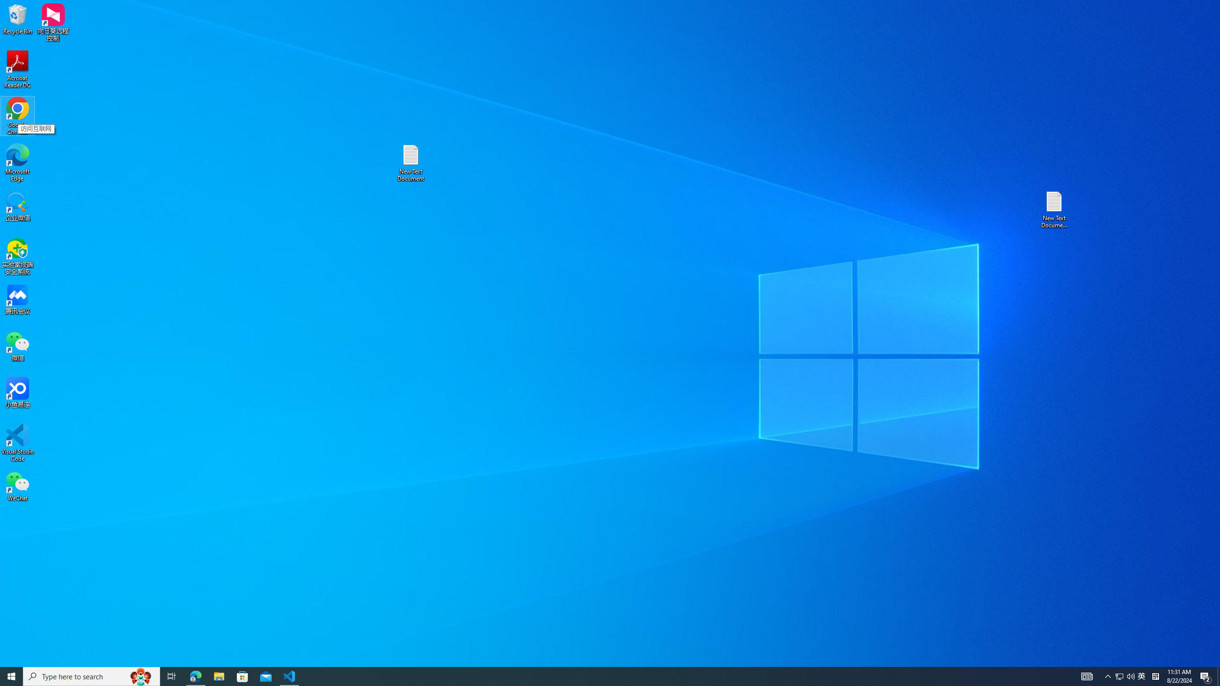 The image size is (1220, 686). What do you see at coordinates (1218, 676) in the screenshot?
I see `'Show desktop'` at bounding box center [1218, 676].